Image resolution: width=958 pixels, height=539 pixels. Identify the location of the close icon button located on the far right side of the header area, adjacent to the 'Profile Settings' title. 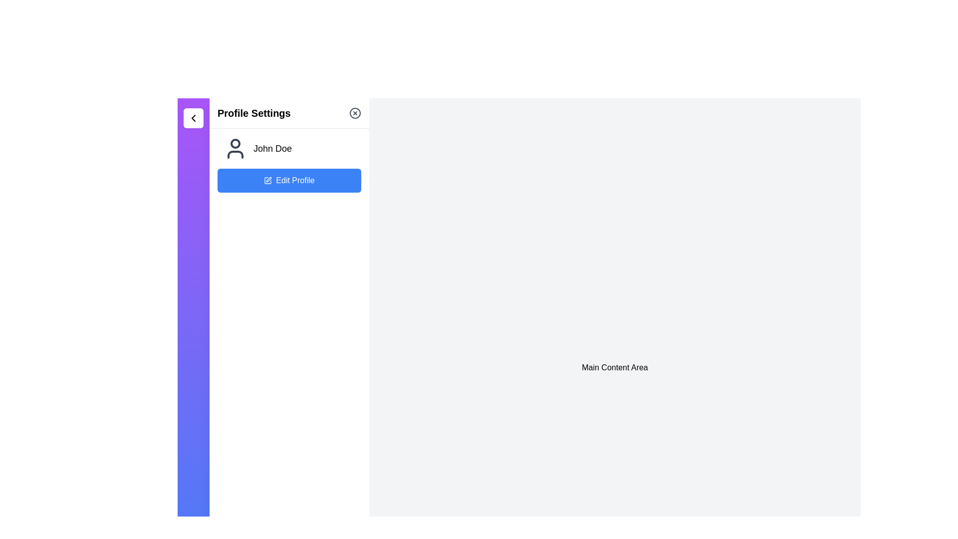
(355, 113).